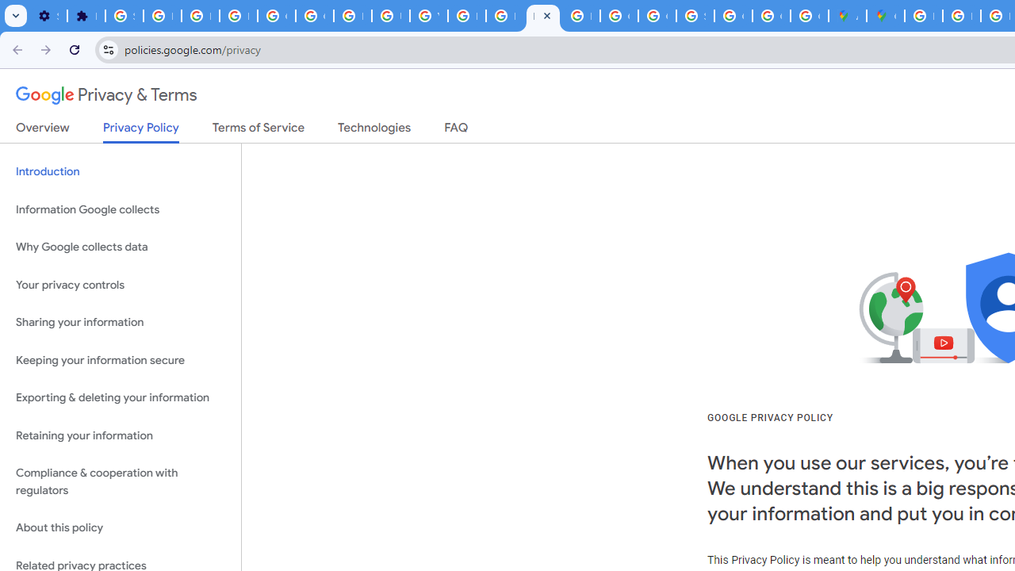  Describe the element at coordinates (884, 16) in the screenshot. I see `'Google Maps'` at that location.